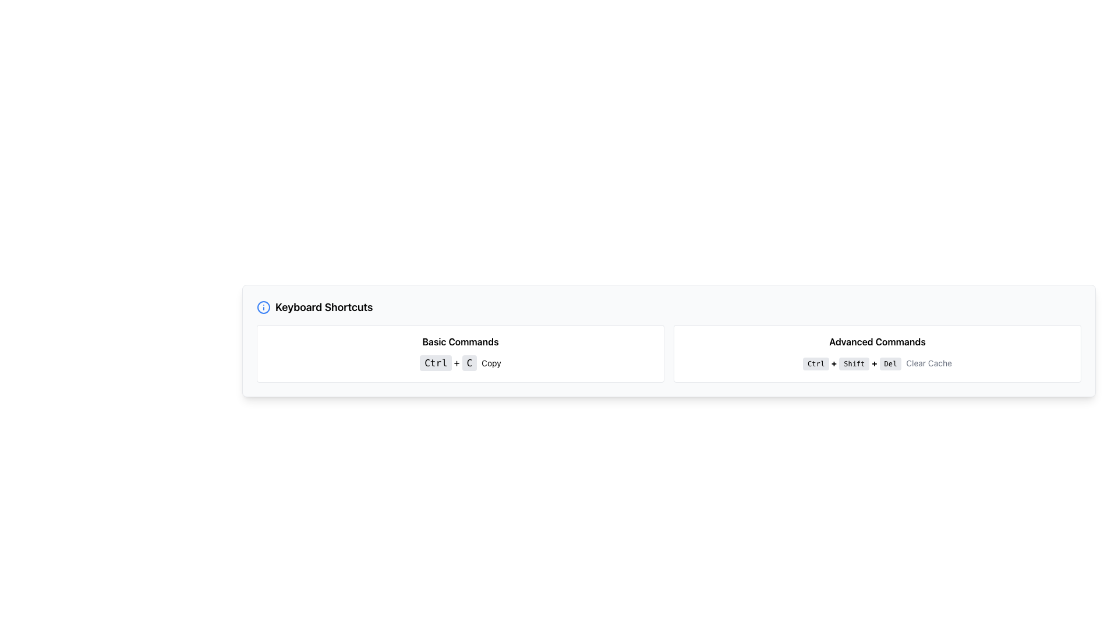 Image resolution: width=1118 pixels, height=629 pixels. I want to click on the 'Shift' button, which is a small rectangular button with rounded corners, light gray background, and black text, located under the 'Advanced Commands' section, so click(854, 363).